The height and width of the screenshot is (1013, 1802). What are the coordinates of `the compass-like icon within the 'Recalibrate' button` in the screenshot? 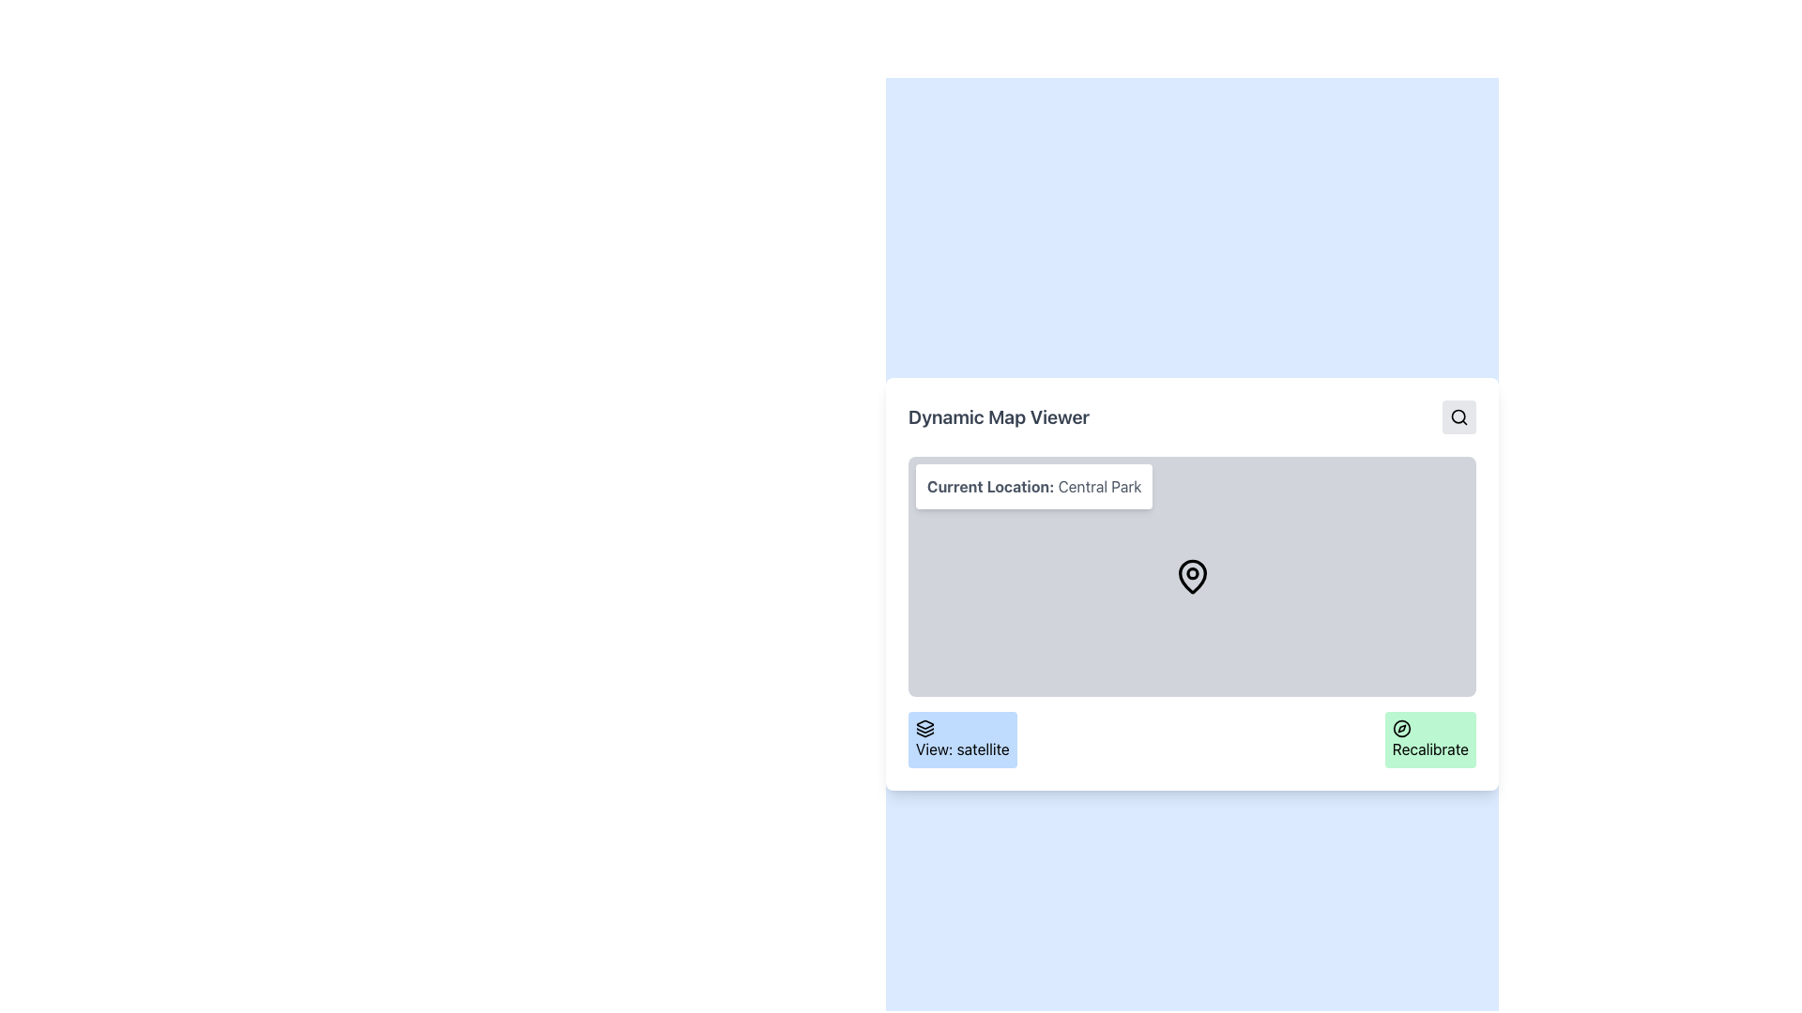 It's located at (1401, 727).